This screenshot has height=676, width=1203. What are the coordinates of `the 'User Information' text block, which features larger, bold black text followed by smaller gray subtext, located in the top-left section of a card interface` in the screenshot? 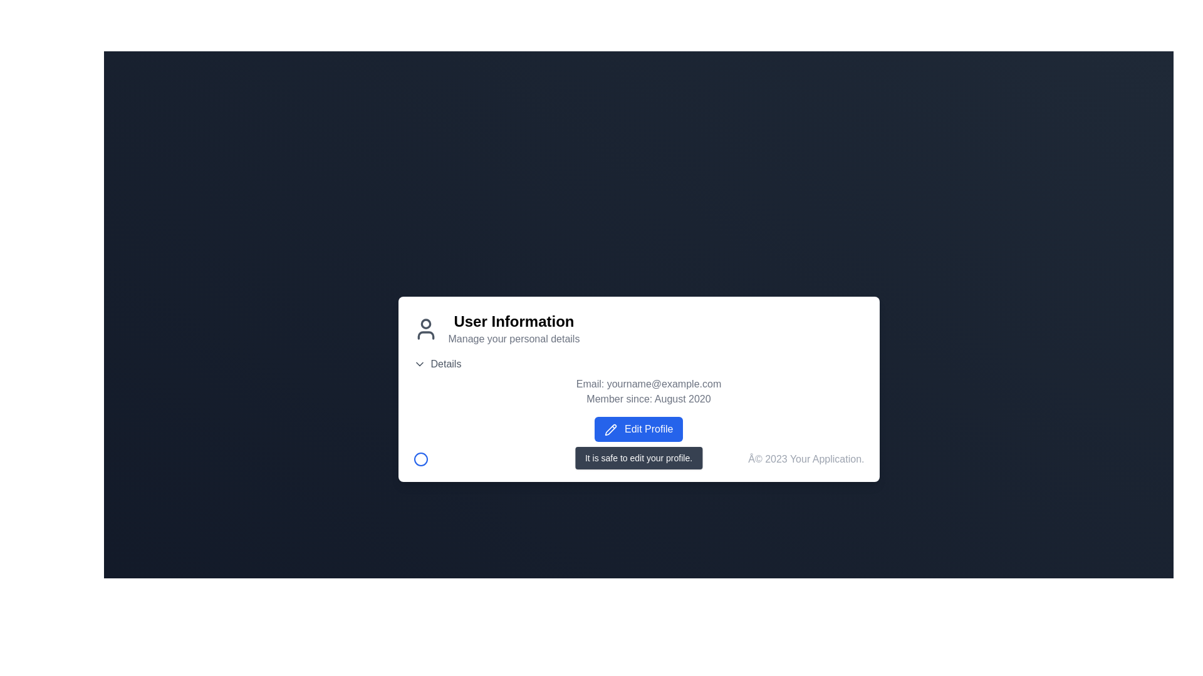 It's located at (514, 328).